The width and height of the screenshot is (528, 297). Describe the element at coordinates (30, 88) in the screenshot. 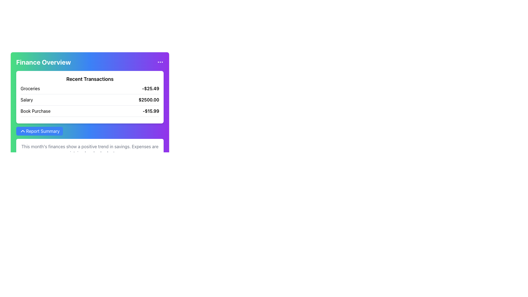

I see `the 'Groceries' text label, which is the first item in the Recent Transactions section and is aligned to the left in its row` at that location.